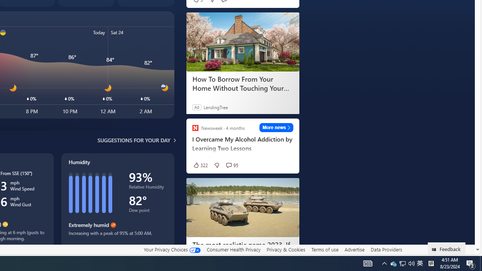 Image resolution: width=482 pixels, height=271 pixels. I want to click on 'Advertise', so click(354, 249).